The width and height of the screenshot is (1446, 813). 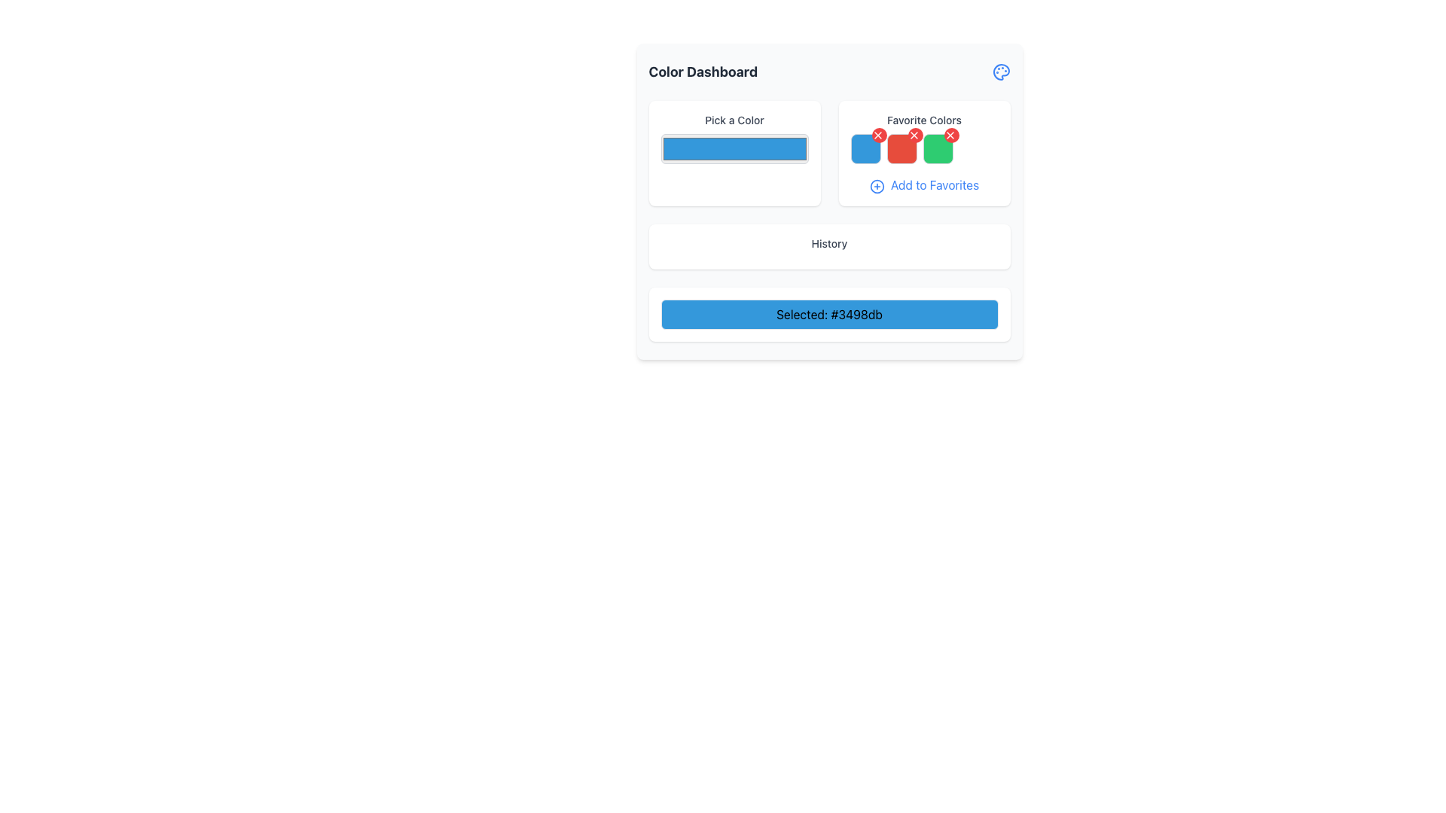 What do you see at coordinates (734, 119) in the screenshot?
I see `the text label that says 'Pick a Color', which is located in the top-left area of the dashboard interface above the color input field` at bounding box center [734, 119].